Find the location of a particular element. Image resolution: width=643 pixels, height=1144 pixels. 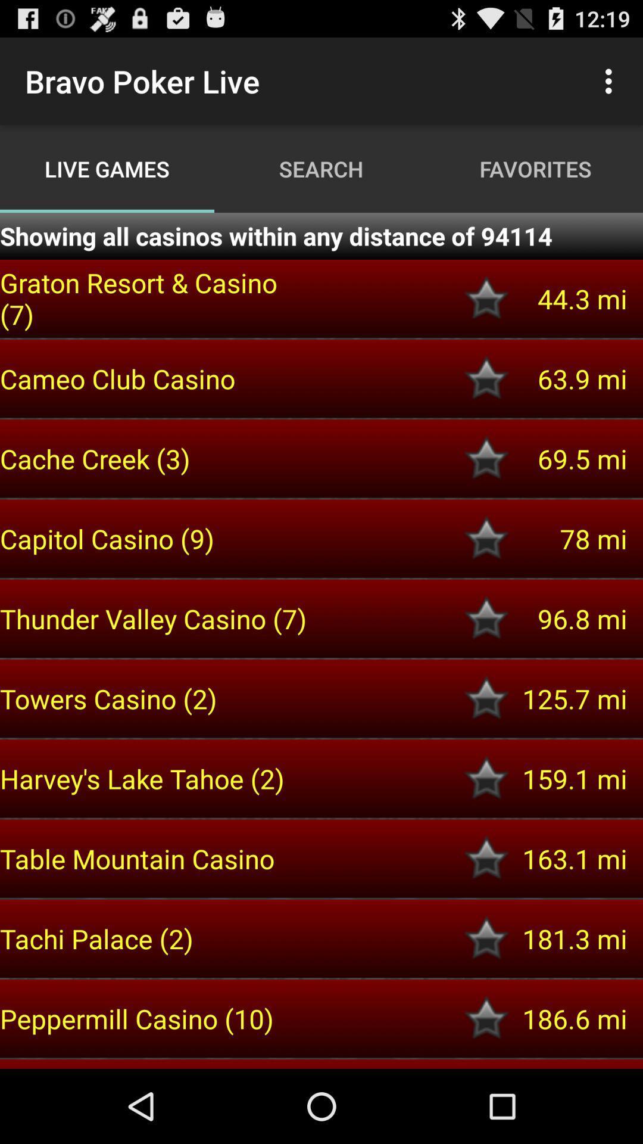

favorite is located at coordinates (486, 859).